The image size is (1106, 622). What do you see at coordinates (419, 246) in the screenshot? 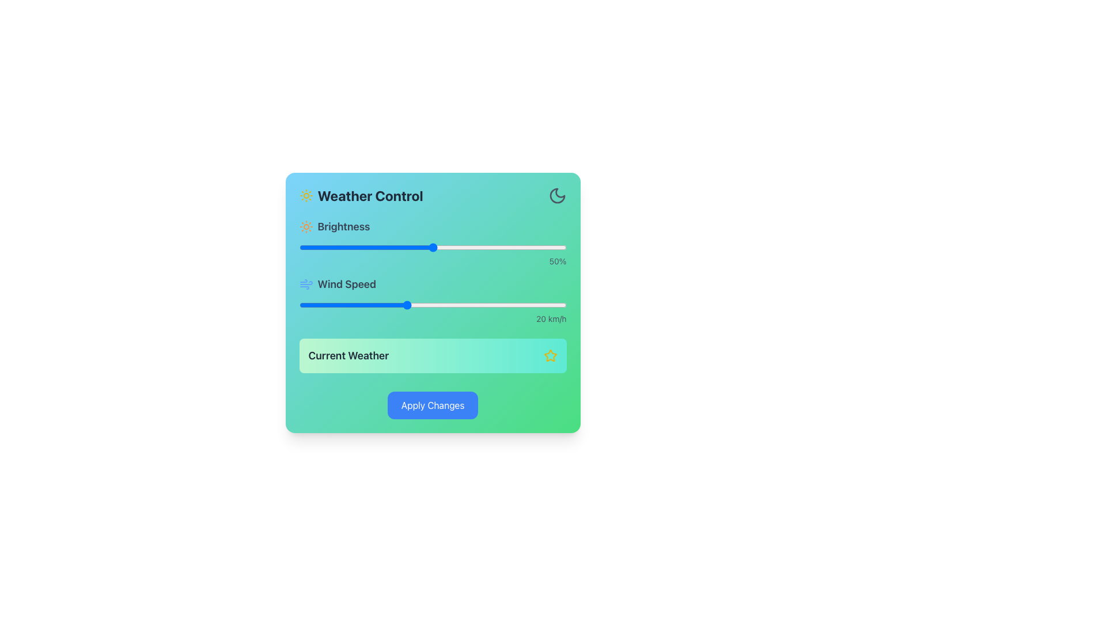
I see `the brightness level` at bounding box center [419, 246].